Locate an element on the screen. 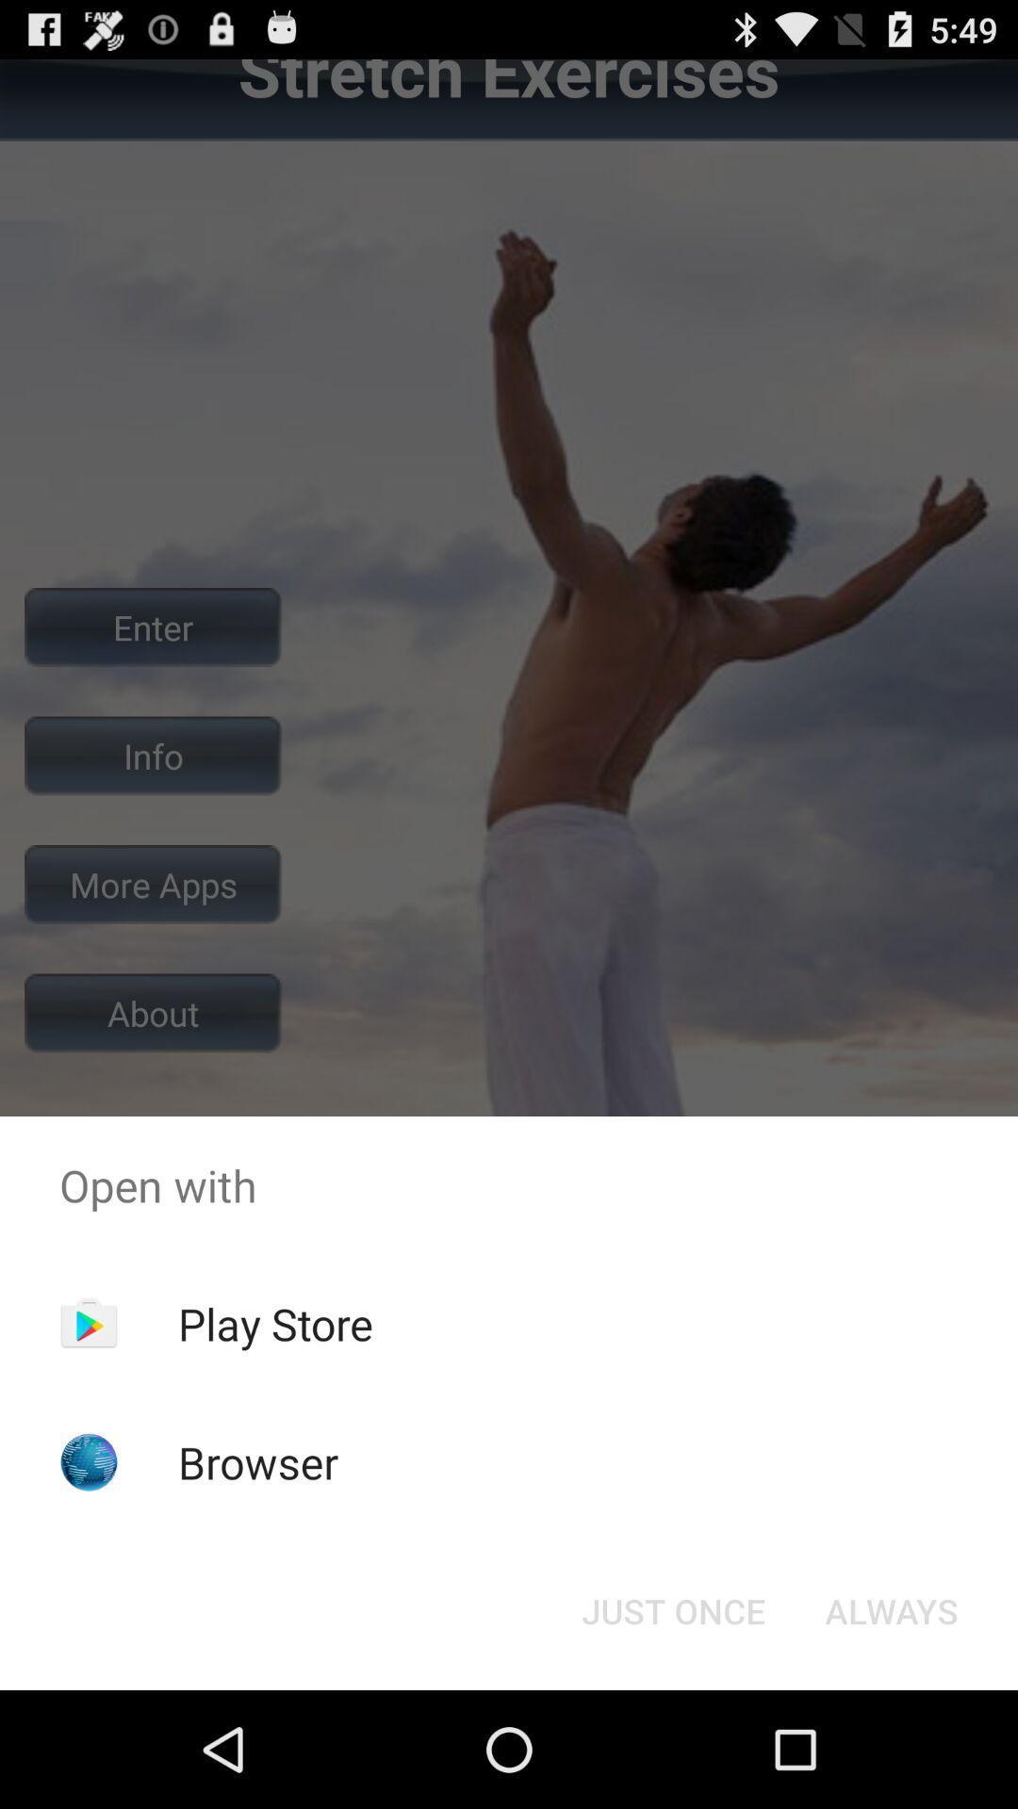  the app below the open with app is located at coordinates (672, 1609).